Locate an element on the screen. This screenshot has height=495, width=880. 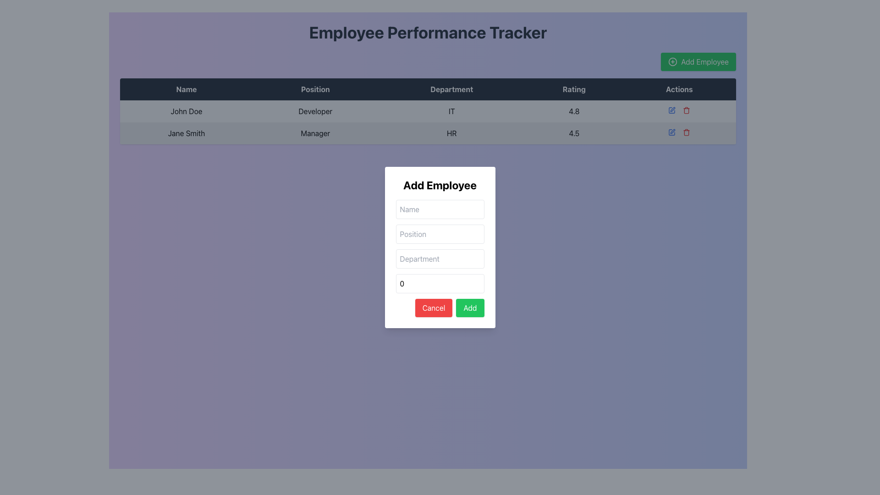
the circular icon of the 'Add Employee' button, which serves as a visual marker for the action of adding or creating an employee is located at coordinates (673, 62).